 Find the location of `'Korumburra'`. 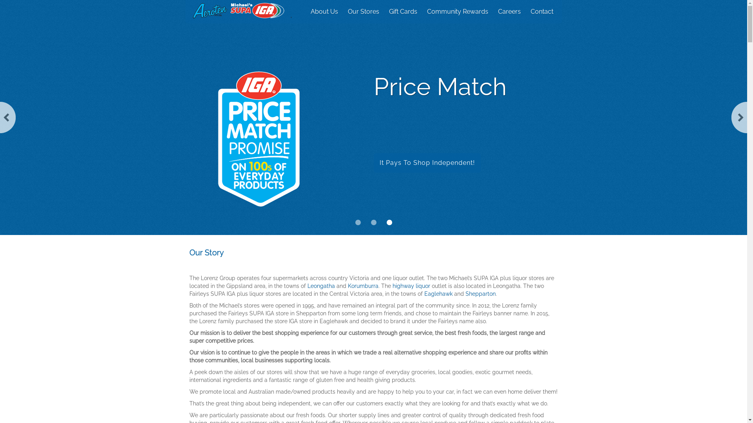

'Korumburra' is located at coordinates (362, 286).